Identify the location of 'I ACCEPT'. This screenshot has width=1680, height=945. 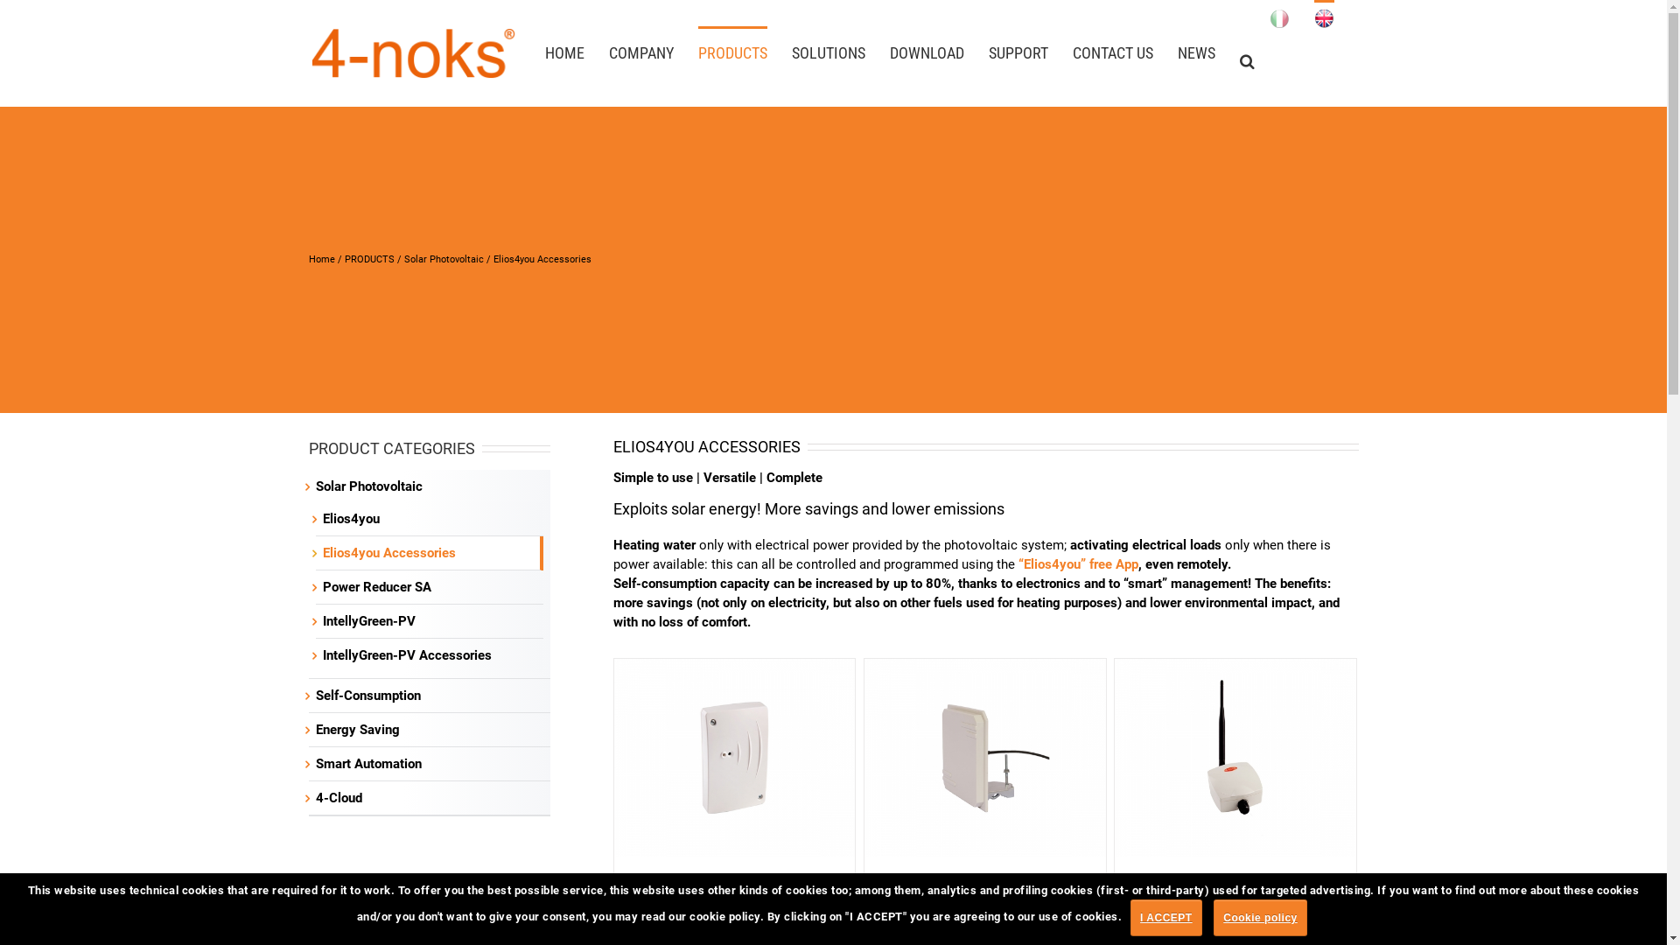
(1166, 917).